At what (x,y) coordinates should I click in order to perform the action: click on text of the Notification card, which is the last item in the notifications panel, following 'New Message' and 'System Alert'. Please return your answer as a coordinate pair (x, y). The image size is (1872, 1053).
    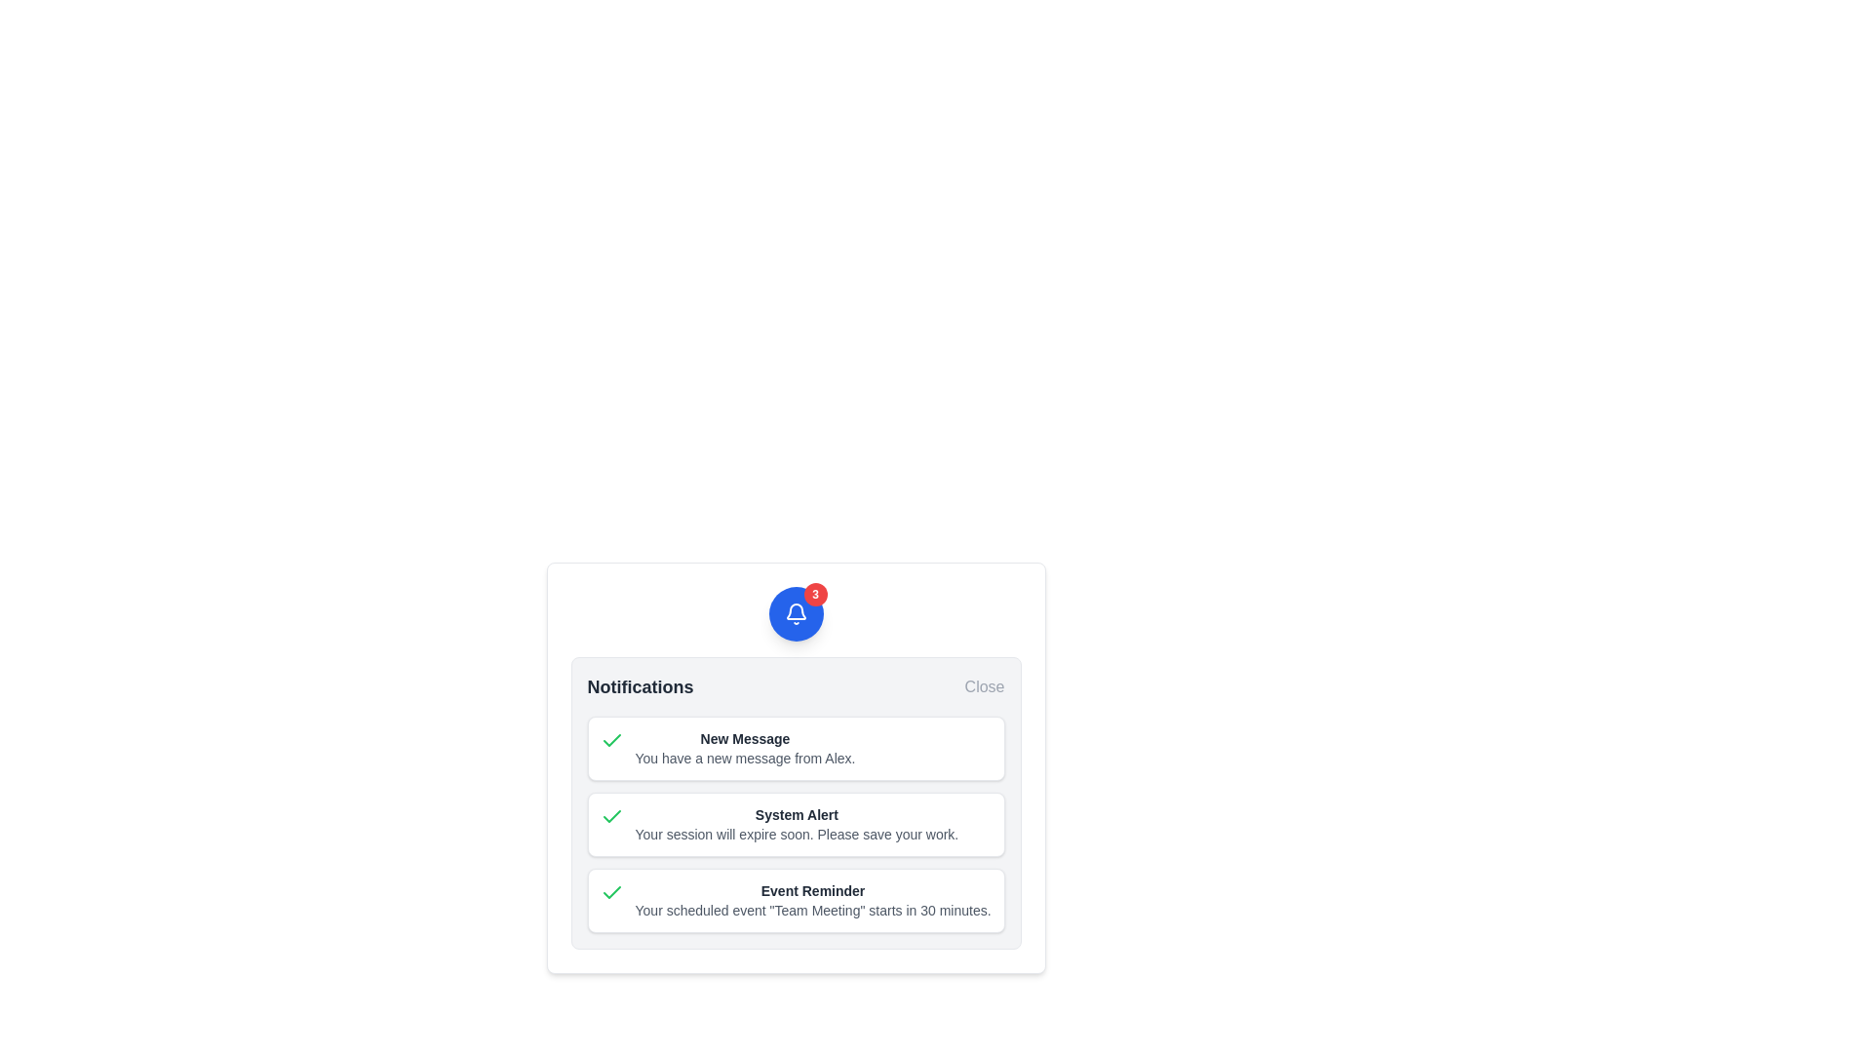
    Looking at the image, I should click on (796, 901).